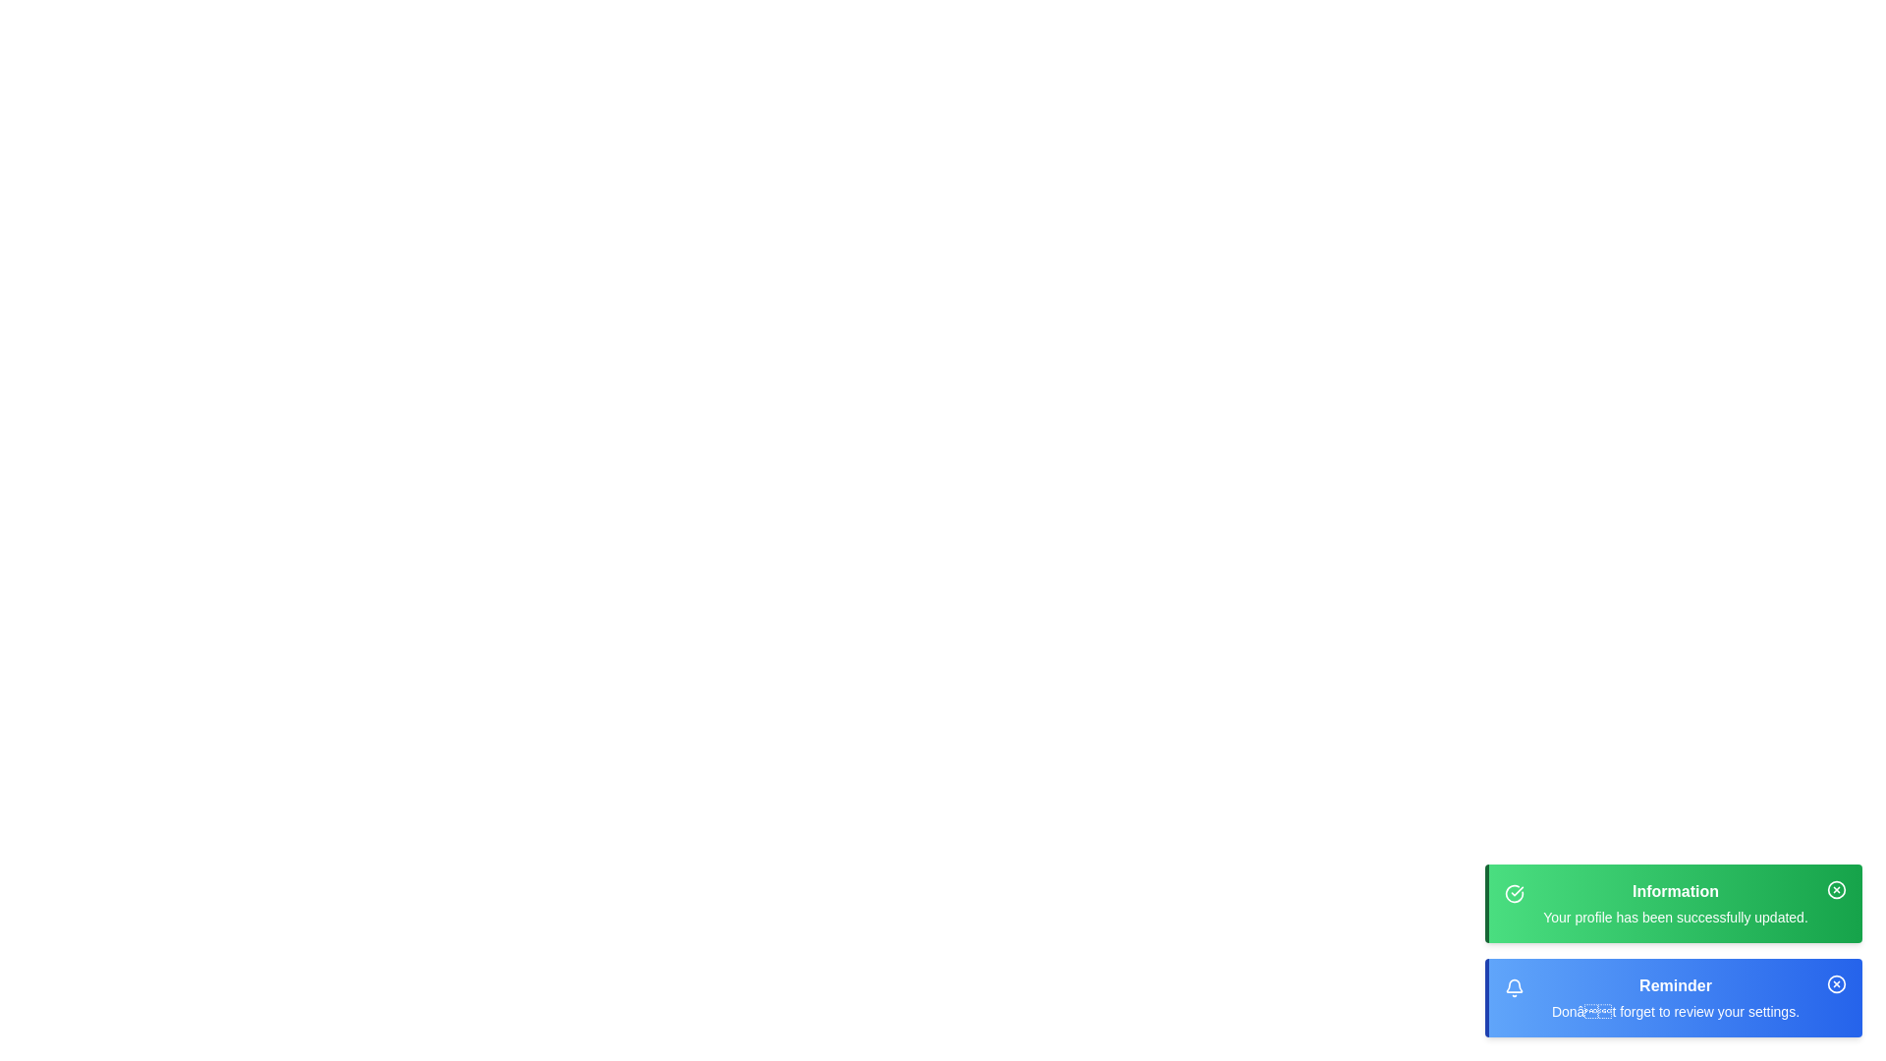 This screenshot has width=1886, height=1061. What do you see at coordinates (1674, 904) in the screenshot?
I see `information from the informational notification box that has a green gradient background, bold 'Information' title, and text stating 'Your profile has been successfully updated.'` at bounding box center [1674, 904].